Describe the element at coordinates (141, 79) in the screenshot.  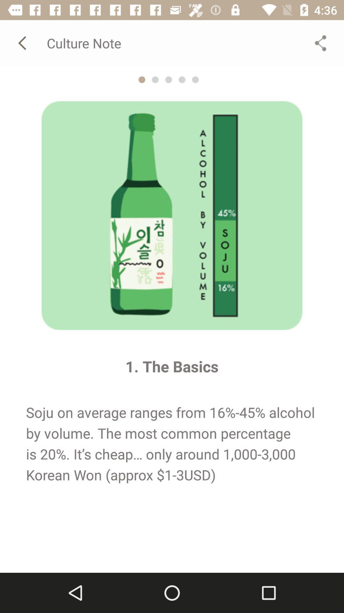
I see `the star icon` at that location.